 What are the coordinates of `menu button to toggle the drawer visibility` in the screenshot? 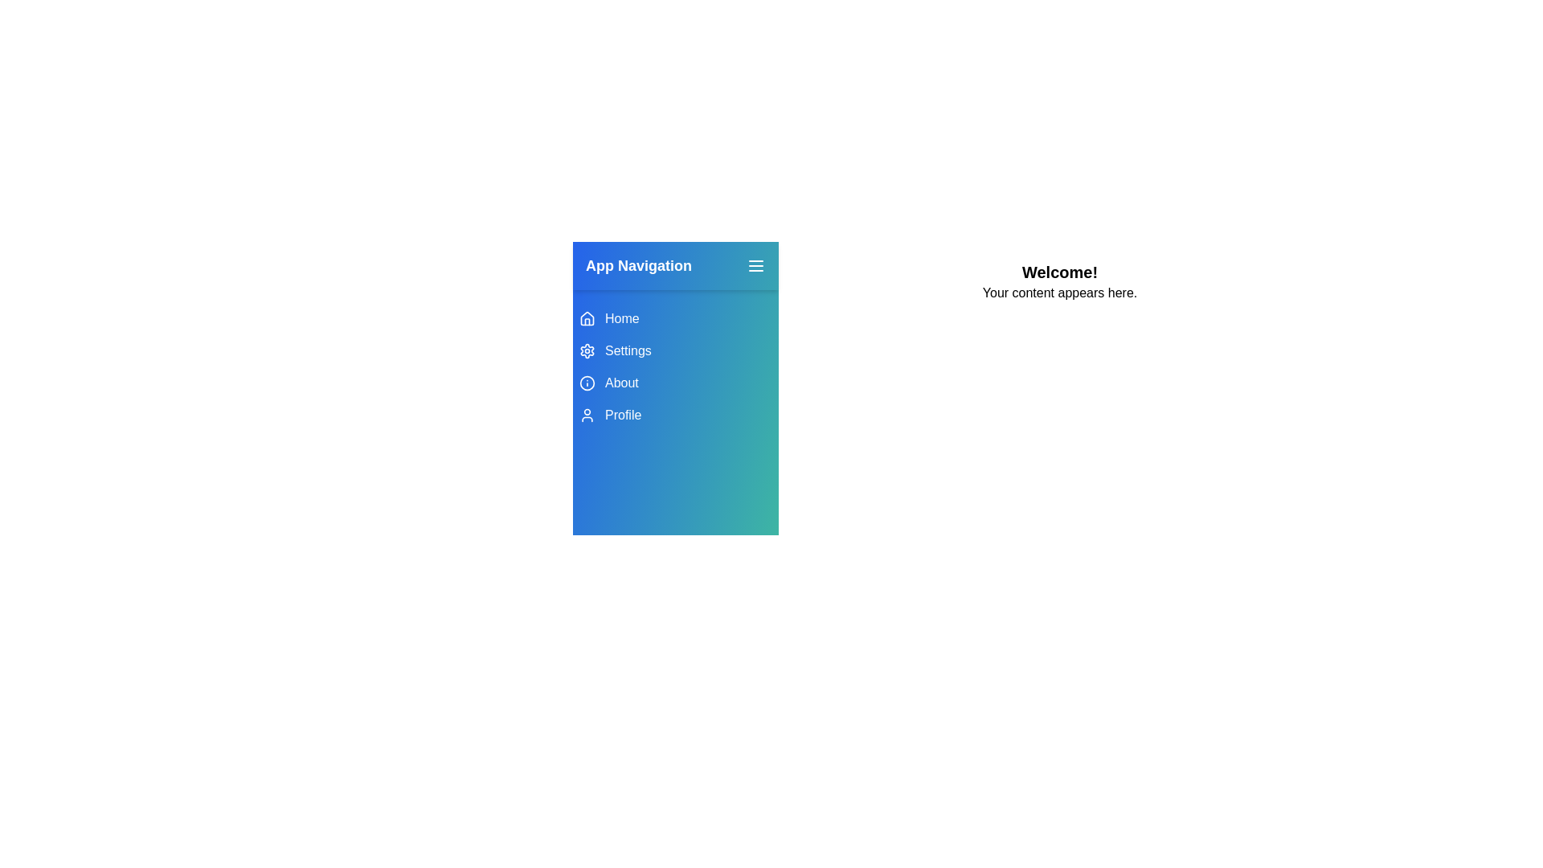 It's located at (755, 265).